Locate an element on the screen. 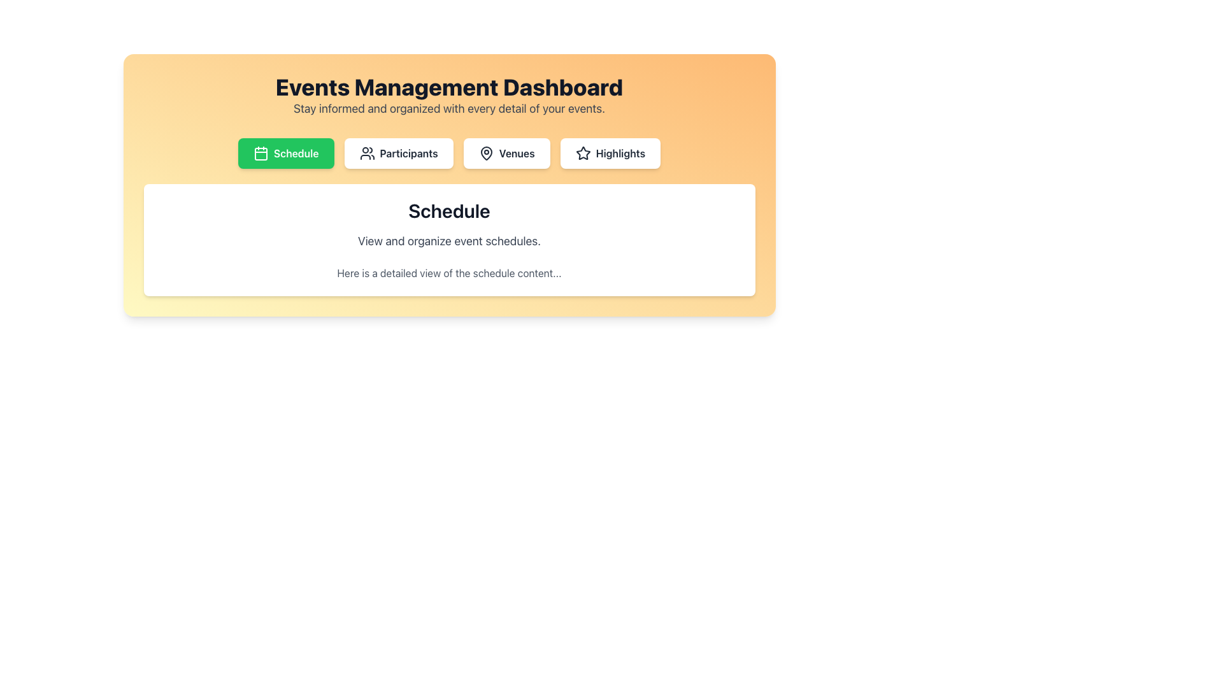 The height and width of the screenshot is (688, 1223). the static text element that provides a descriptive subtitle below the 'Events Management Dashboard' header is located at coordinates (449, 108).